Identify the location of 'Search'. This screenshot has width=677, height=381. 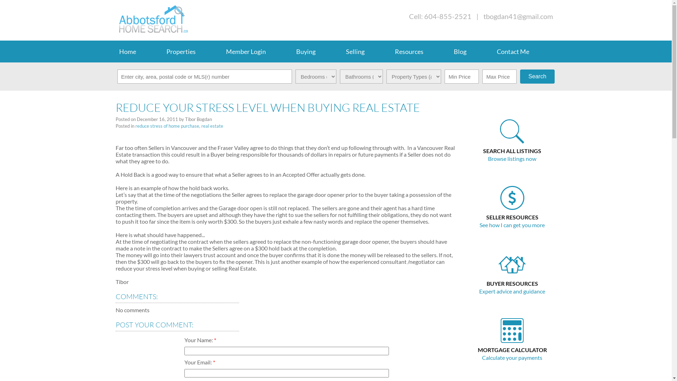
(537, 76).